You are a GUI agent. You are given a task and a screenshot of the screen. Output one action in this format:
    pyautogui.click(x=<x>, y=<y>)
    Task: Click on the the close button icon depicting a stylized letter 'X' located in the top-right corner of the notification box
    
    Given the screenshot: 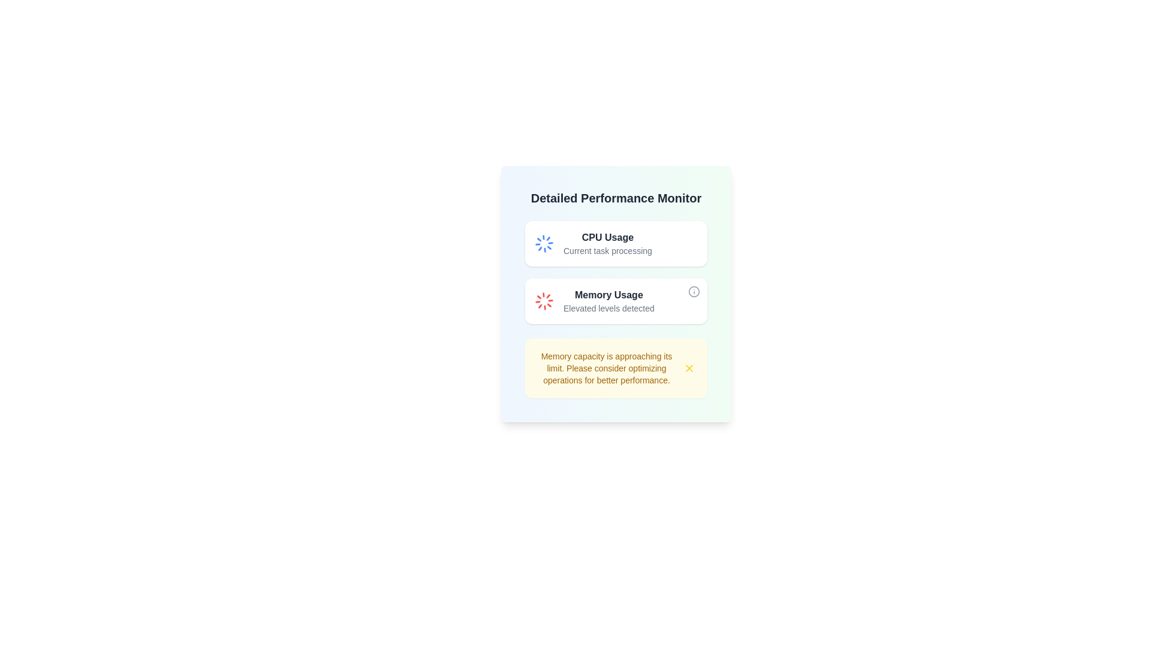 What is the action you would take?
    pyautogui.click(x=689, y=367)
    